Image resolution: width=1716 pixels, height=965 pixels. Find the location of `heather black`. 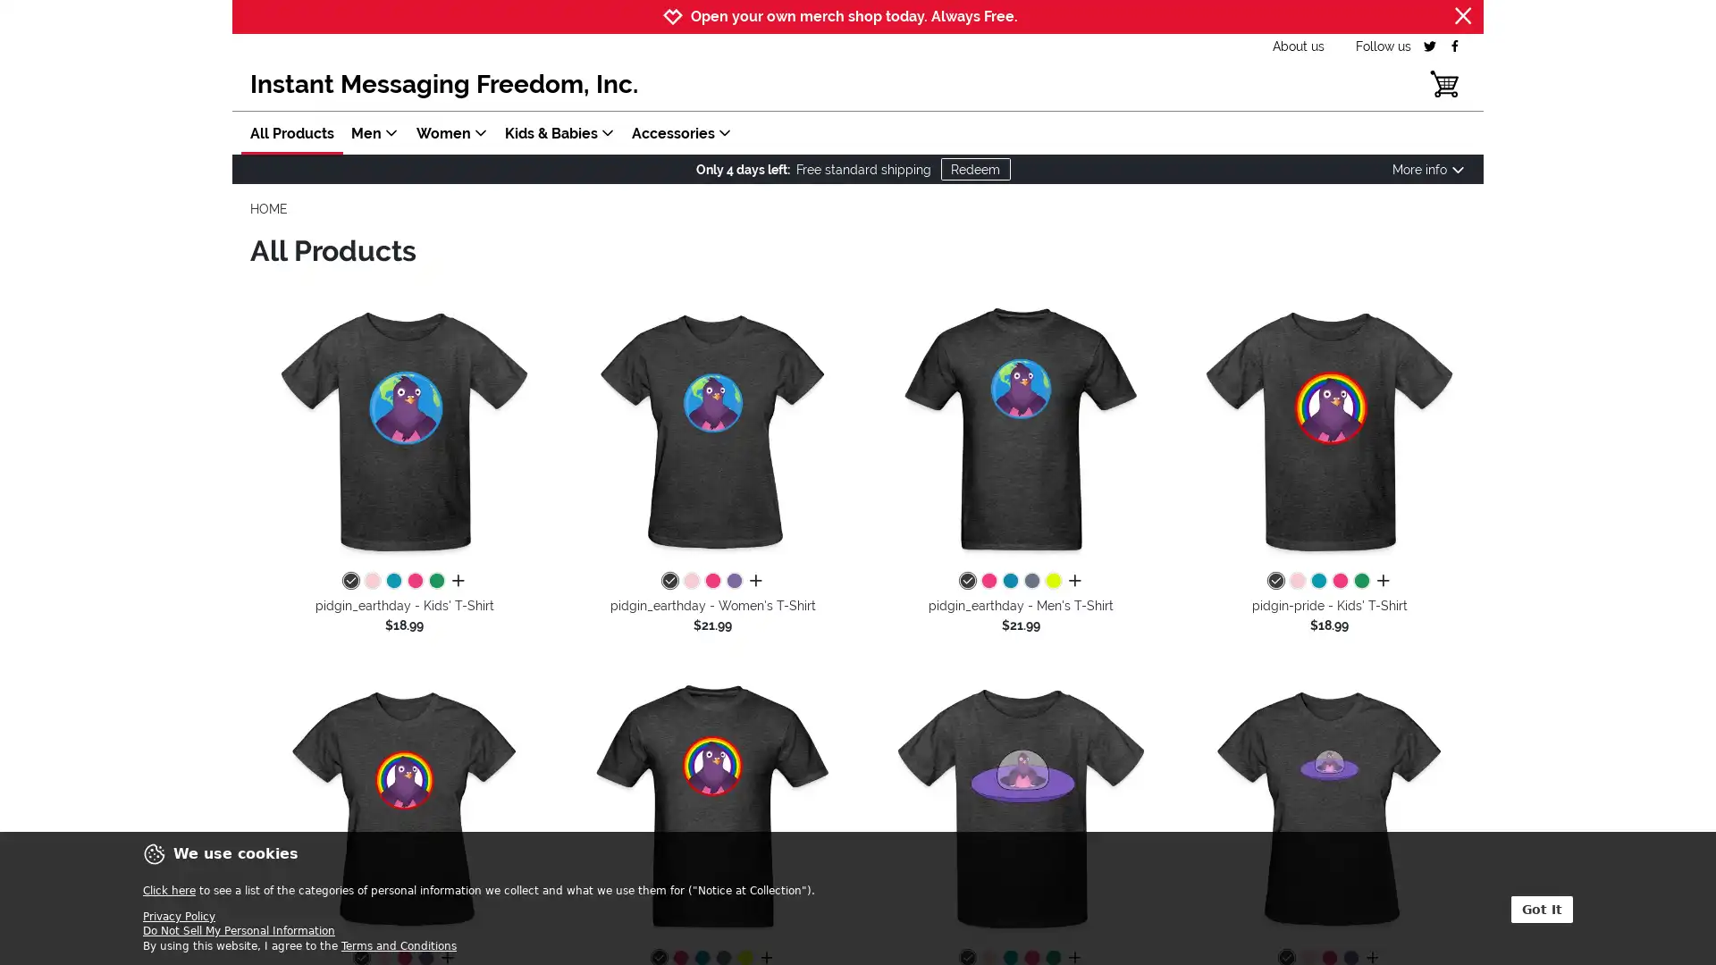

heather black is located at coordinates (1274, 582).